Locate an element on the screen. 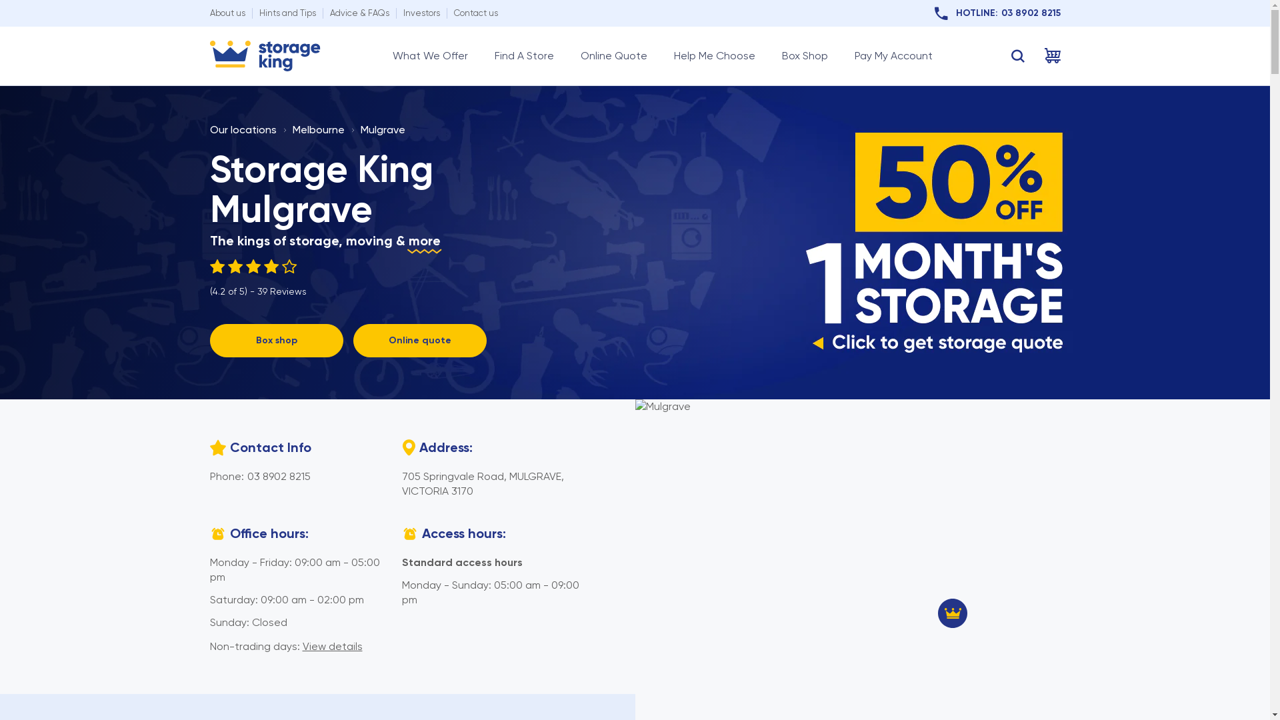 The width and height of the screenshot is (1280, 720). '(4.2 of 5) - 39 Reviews' is located at coordinates (257, 277).